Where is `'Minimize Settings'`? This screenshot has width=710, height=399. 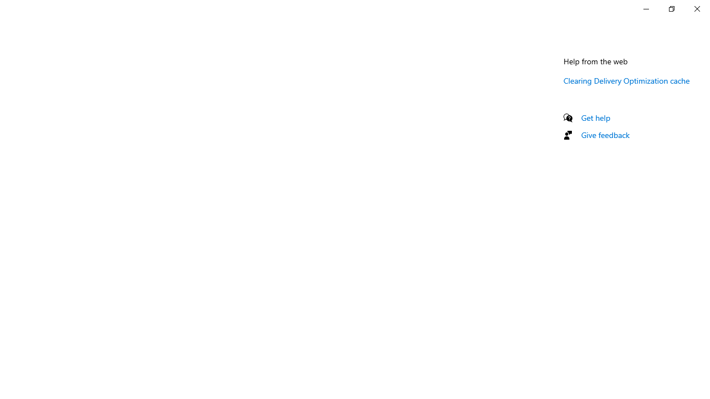
'Minimize Settings' is located at coordinates (646, 8).